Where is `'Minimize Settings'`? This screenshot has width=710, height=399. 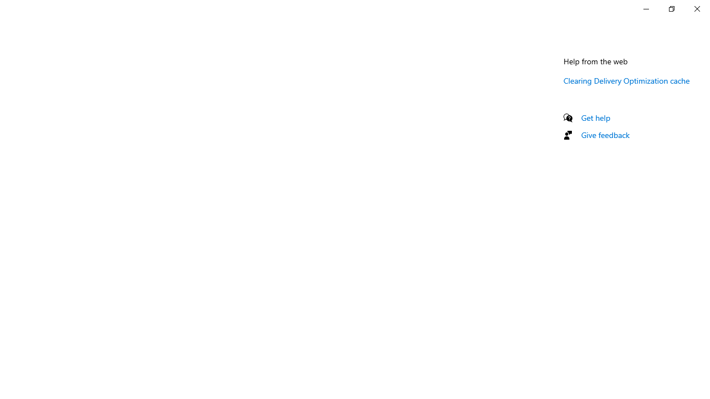
'Minimize Settings' is located at coordinates (646, 8).